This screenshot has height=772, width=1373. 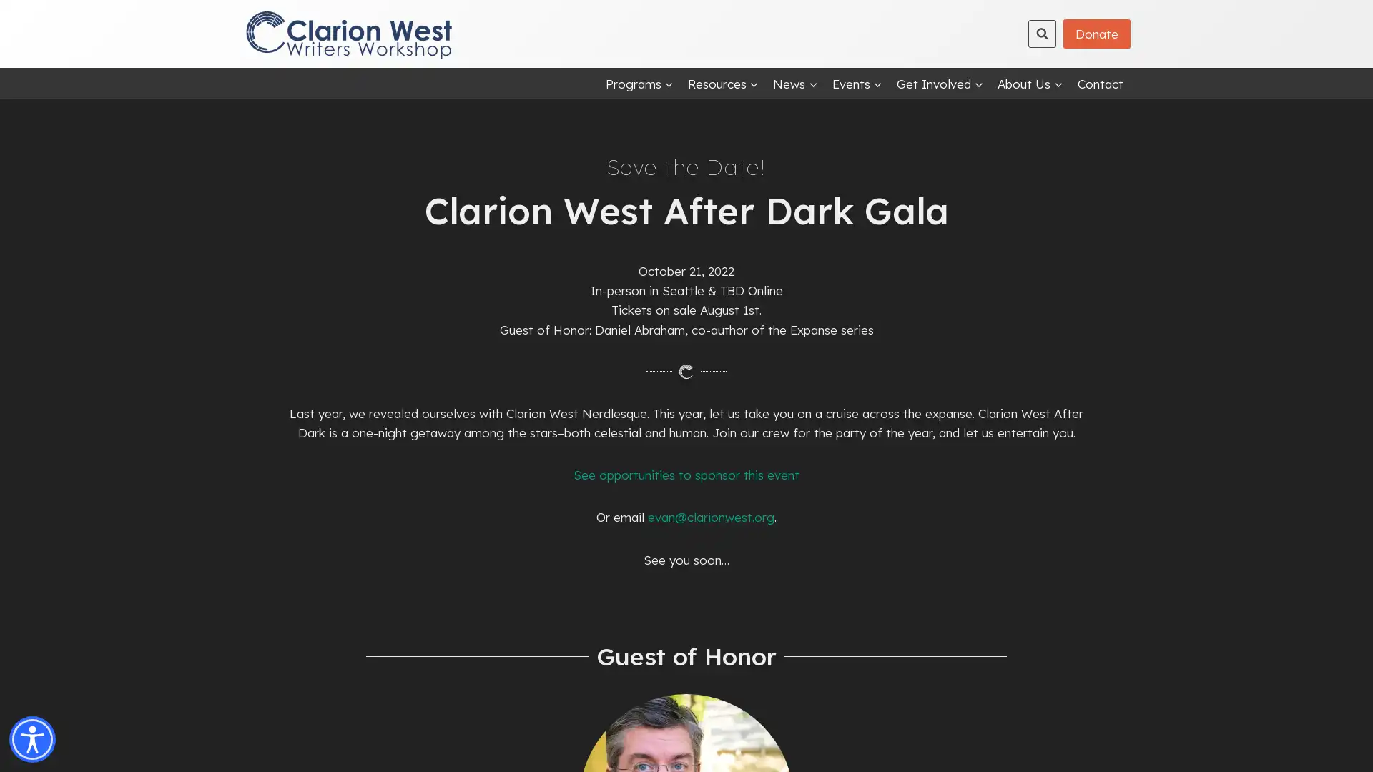 What do you see at coordinates (1030, 83) in the screenshot?
I see `Expand child menu` at bounding box center [1030, 83].